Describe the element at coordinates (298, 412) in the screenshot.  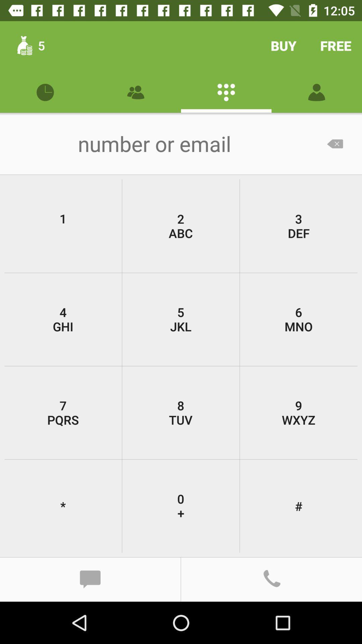
I see `item below 5` at that location.